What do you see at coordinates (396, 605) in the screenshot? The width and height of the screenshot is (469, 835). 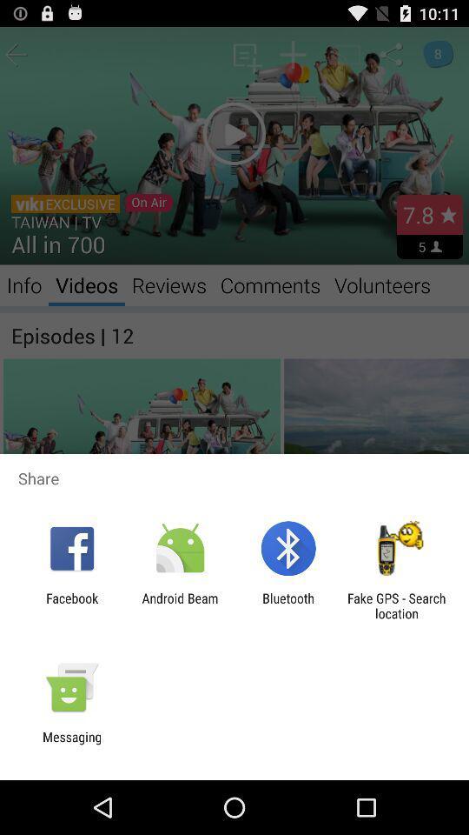 I see `the item next to bluetooth icon` at bounding box center [396, 605].